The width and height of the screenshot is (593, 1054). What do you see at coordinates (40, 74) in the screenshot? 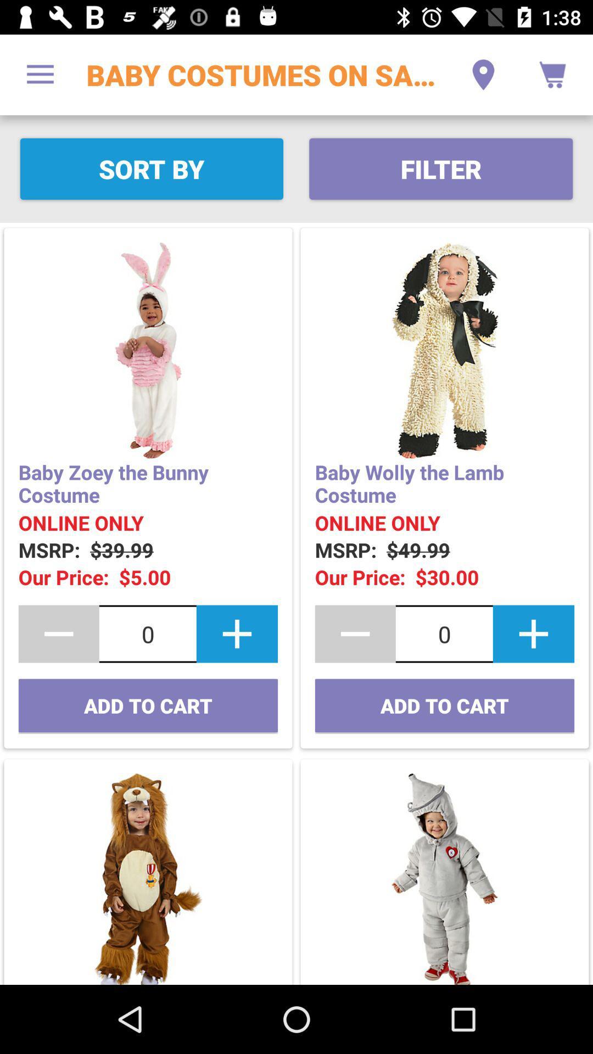
I see `icon to the left of the baby costumes on icon` at bounding box center [40, 74].